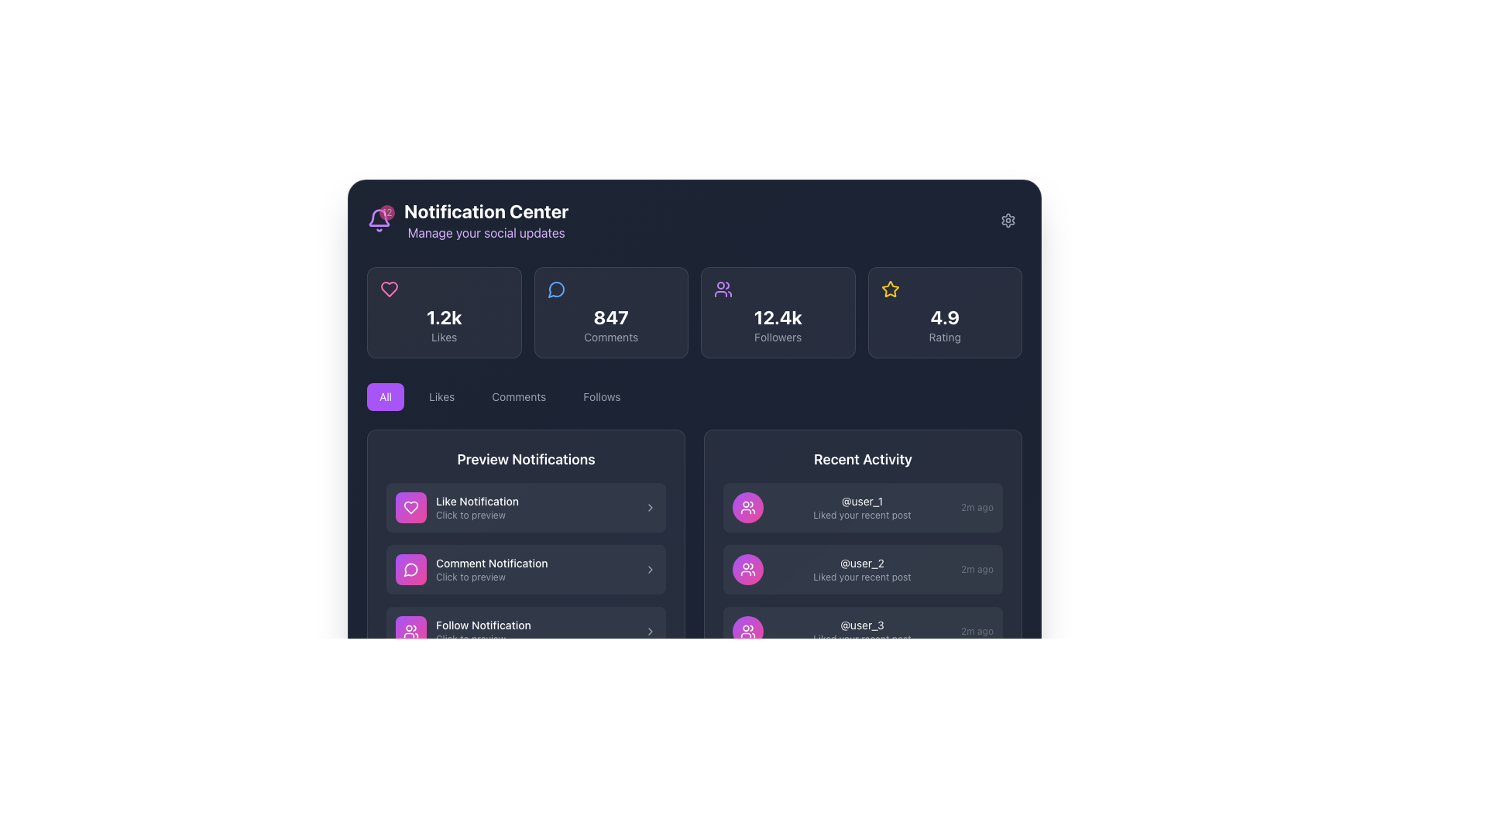 This screenshot has width=1487, height=836. What do you see at coordinates (651, 507) in the screenshot?
I see `the right-pointing gray chevron icon located at the far right of the 'Like Notification' row` at bounding box center [651, 507].